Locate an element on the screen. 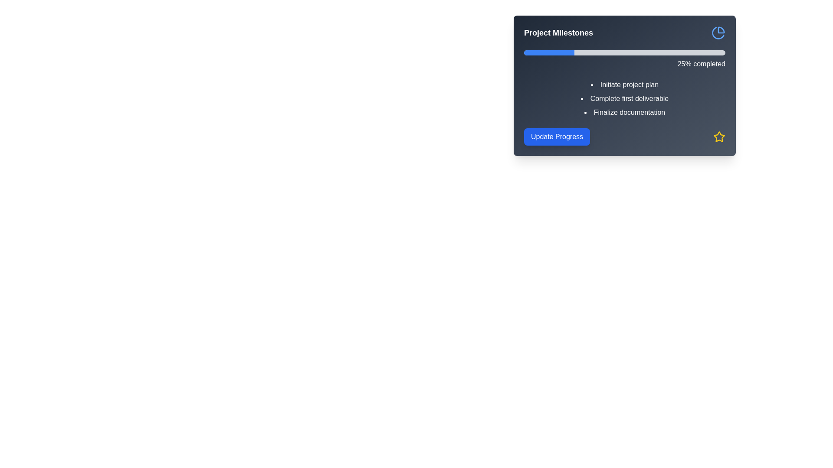  the left segment of the pie chart icon located at the upper-right corner of the card interface is located at coordinates (721, 29).